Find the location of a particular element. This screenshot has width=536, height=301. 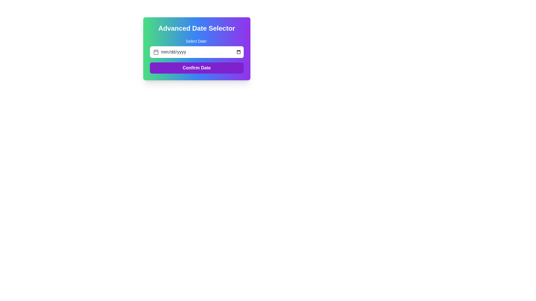

the 'Confirm Date' button is located at coordinates (197, 67).